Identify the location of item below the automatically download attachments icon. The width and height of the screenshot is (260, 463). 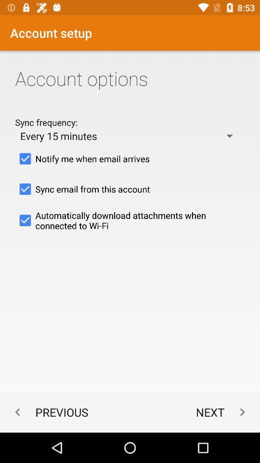
(49, 411).